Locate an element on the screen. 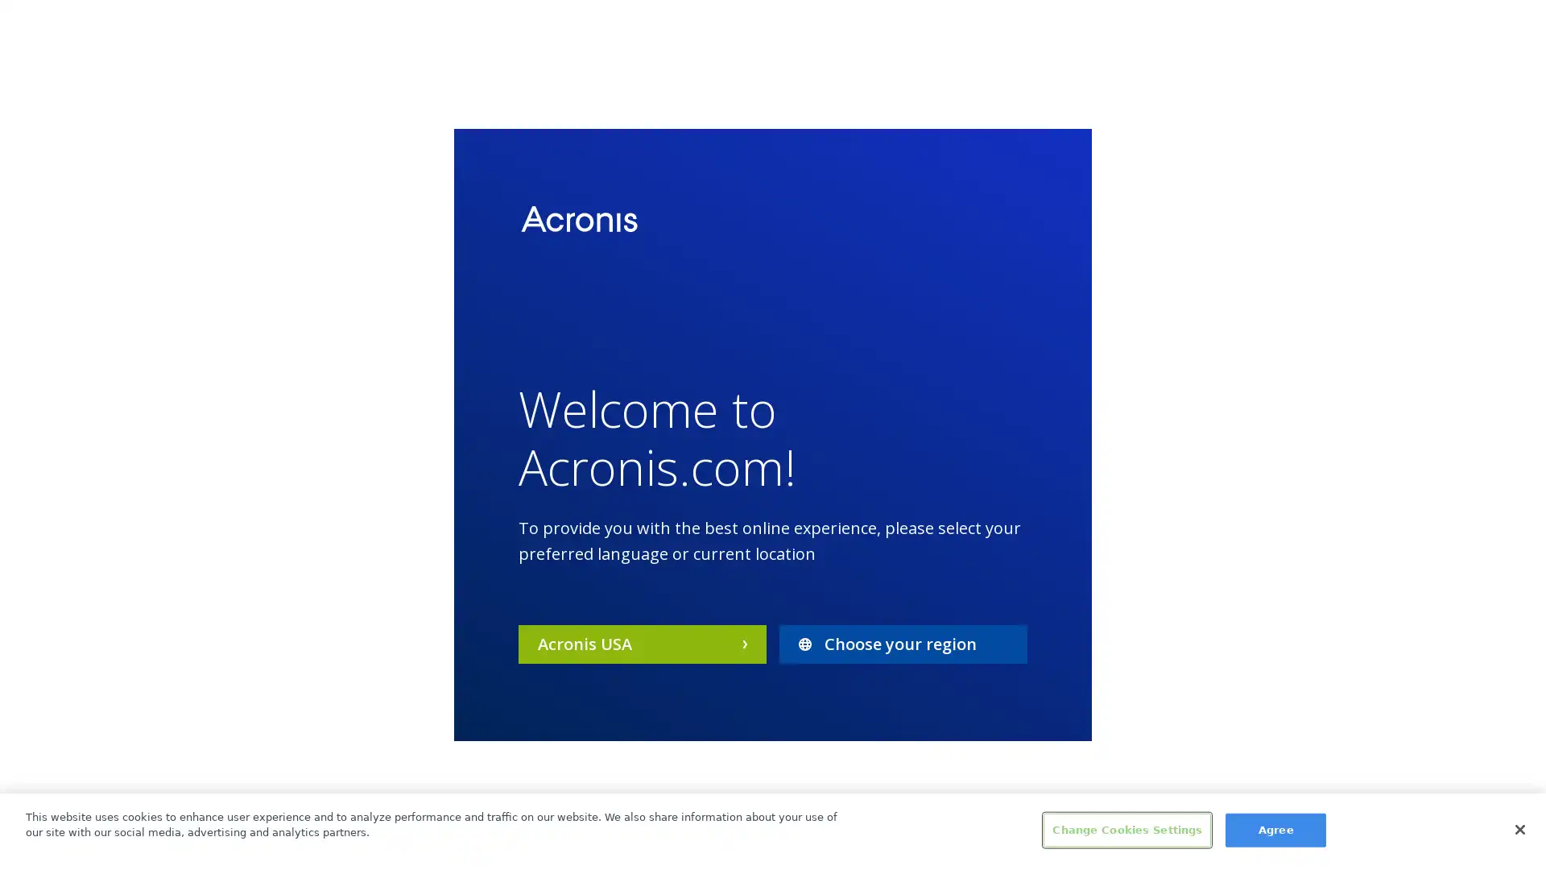 This screenshot has height=870, width=1546. Change Cookies Settings is located at coordinates (1126, 830).